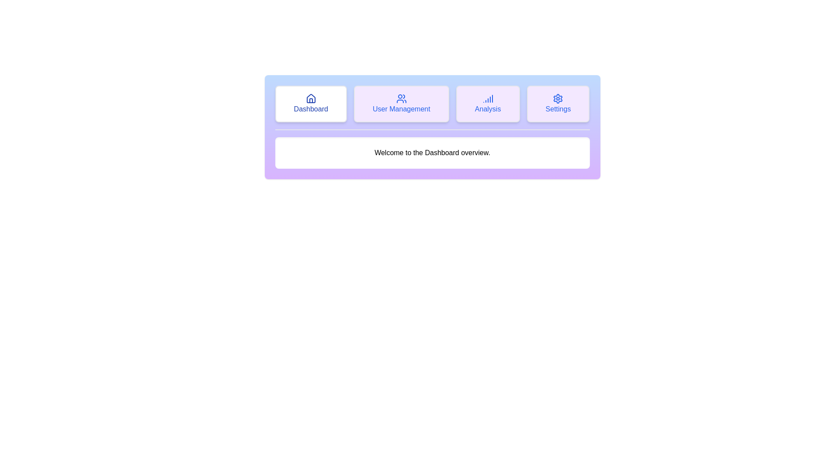 The image size is (839, 472). What do you see at coordinates (487, 109) in the screenshot?
I see `the static text label UI component displaying 'Analysis' in a bold blue font, which is located in the top menu section, specifically the third option from the left` at bounding box center [487, 109].